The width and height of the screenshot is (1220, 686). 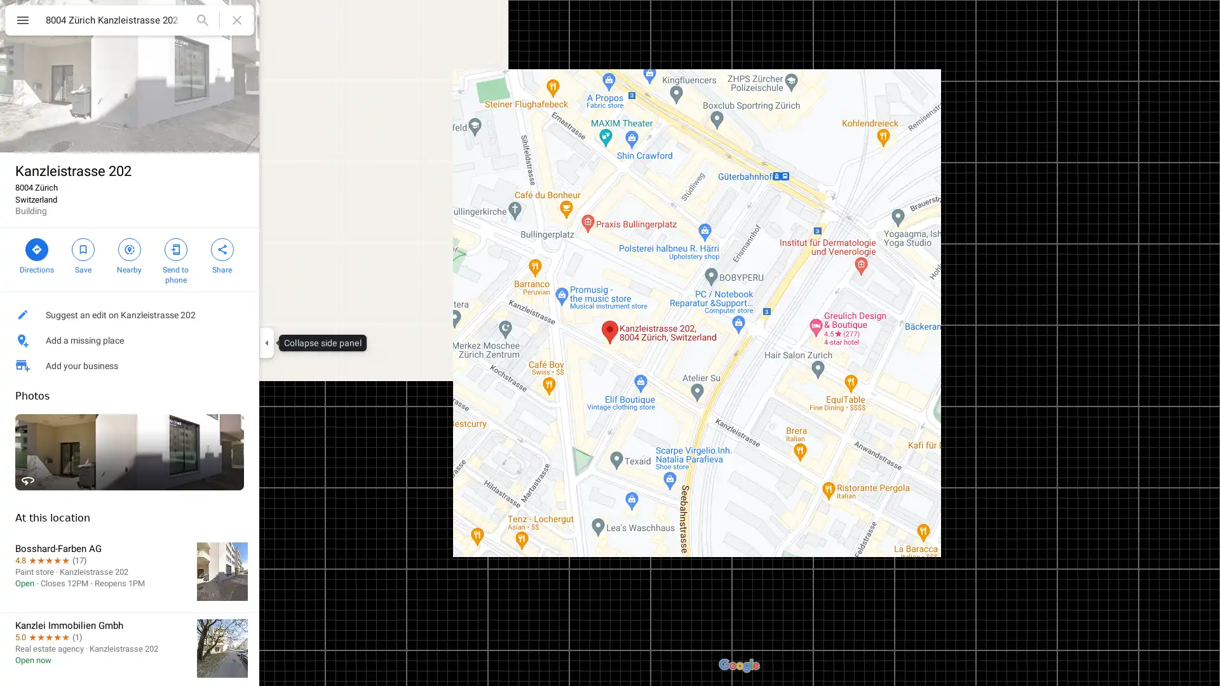 What do you see at coordinates (129, 255) in the screenshot?
I see `Search nearby Kanzleistrasse 202` at bounding box center [129, 255].